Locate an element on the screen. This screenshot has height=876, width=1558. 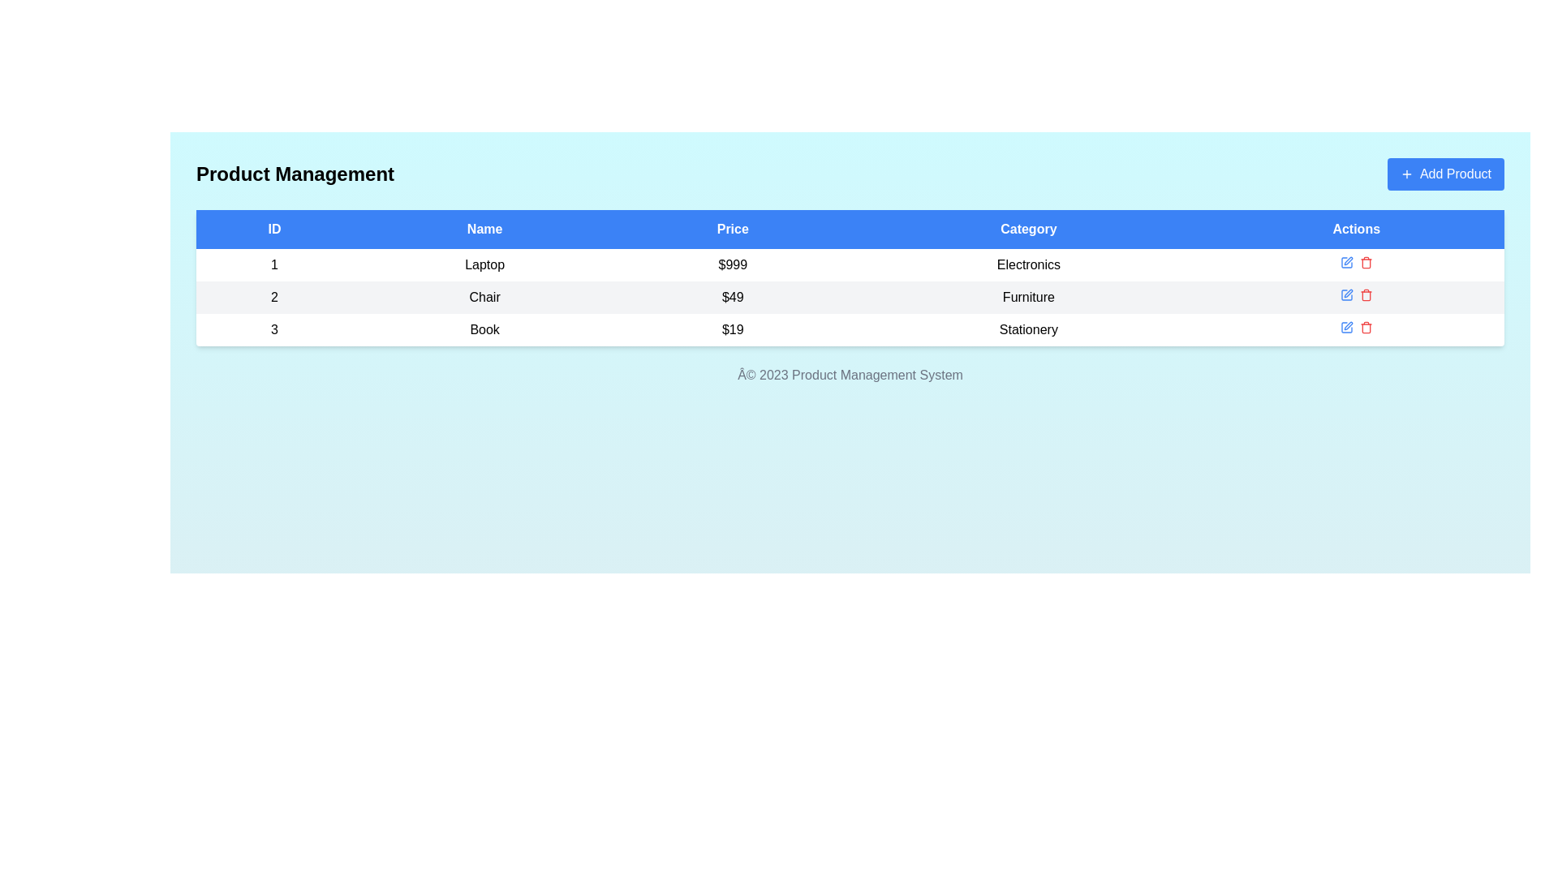
the red trash bin icon in the Interactive control group to prompt the delete confirmation for the 'Chair' entry is located at coordinates (1356, 297).